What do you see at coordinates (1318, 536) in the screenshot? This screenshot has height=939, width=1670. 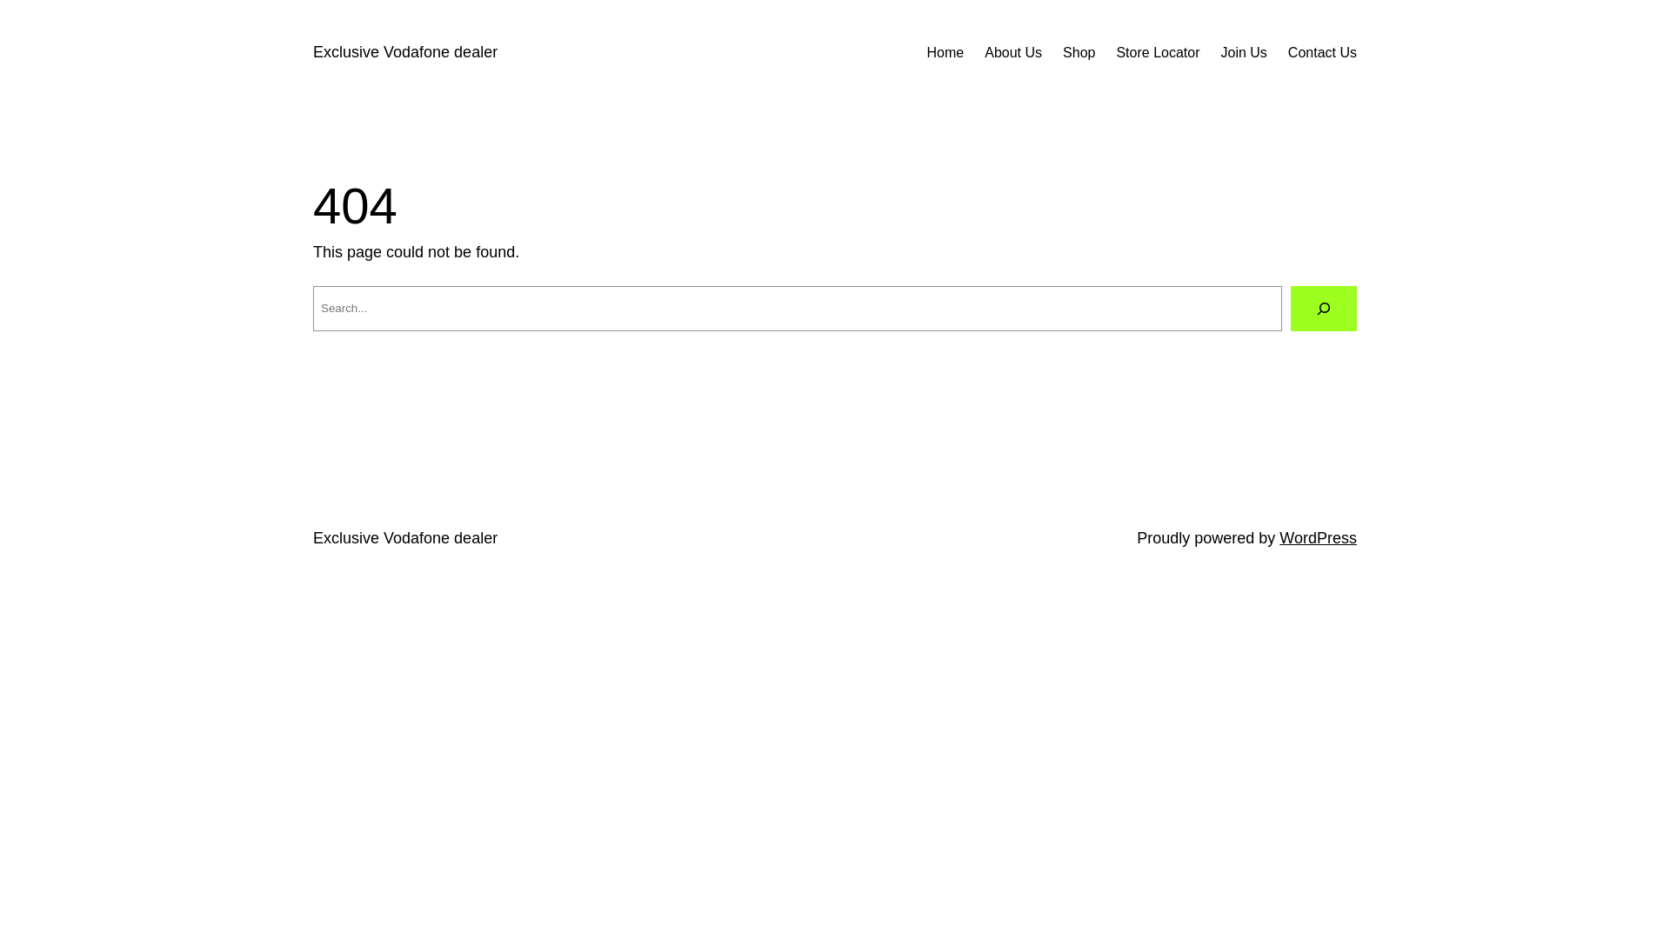 I see `'WordPress'` at bounding box center [1318, 536].